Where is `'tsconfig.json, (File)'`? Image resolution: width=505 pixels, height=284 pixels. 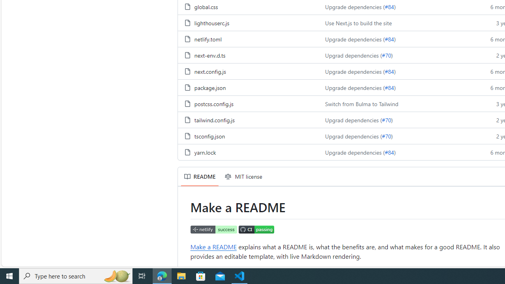 'tsconfig.json, (File)' is located at coordinates (209, 135).